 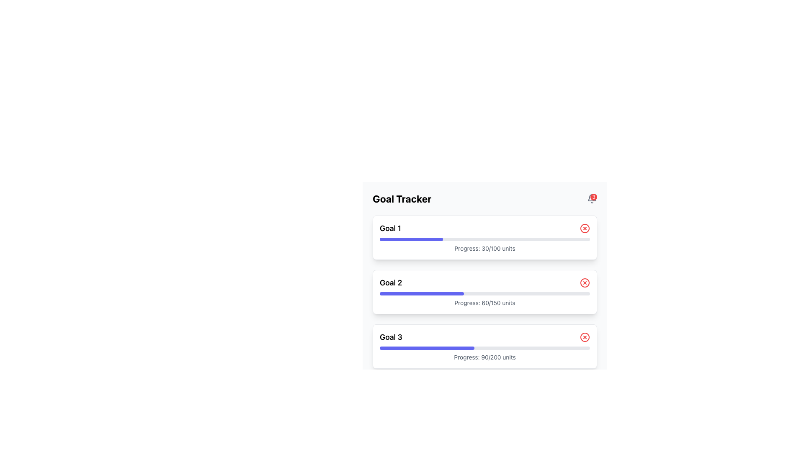 I want to click on the progress details of the 'Goal 2' Progress Card, which is a rectangular card with a white background, featuring a title in bold text and a partially filled purple progress bar, so click(x=484, y=292).